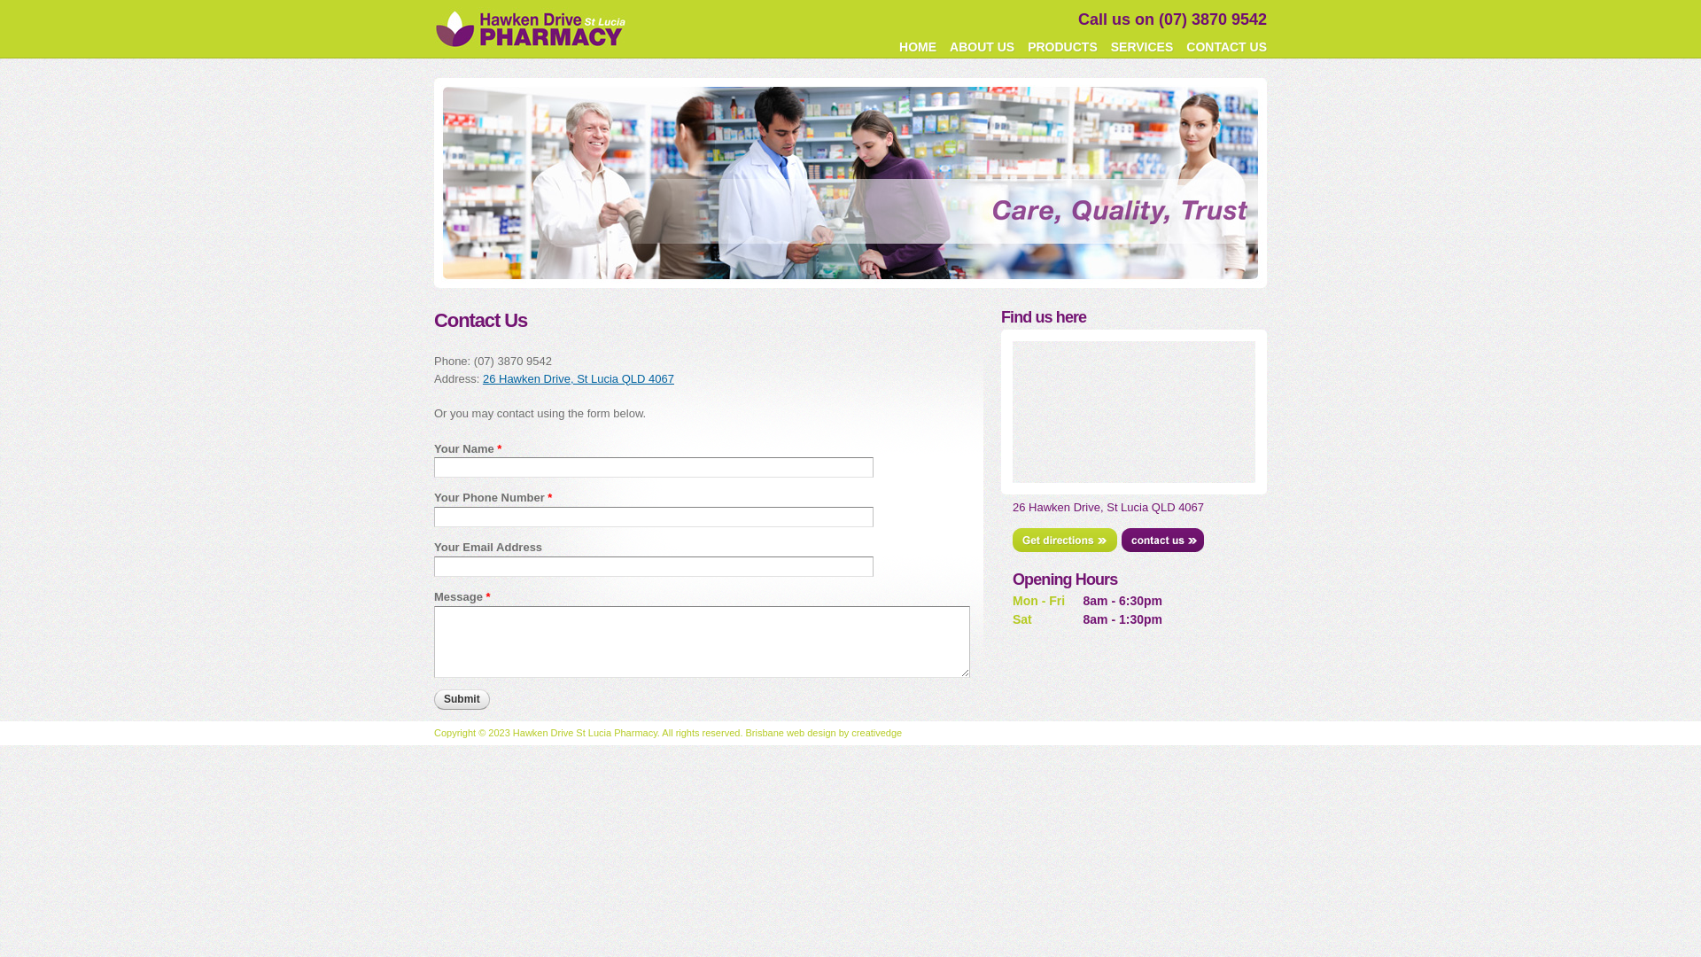 The width and height of the screenshot is (1701, 957). I want to click on 'Contact us', so click(1162, 539).